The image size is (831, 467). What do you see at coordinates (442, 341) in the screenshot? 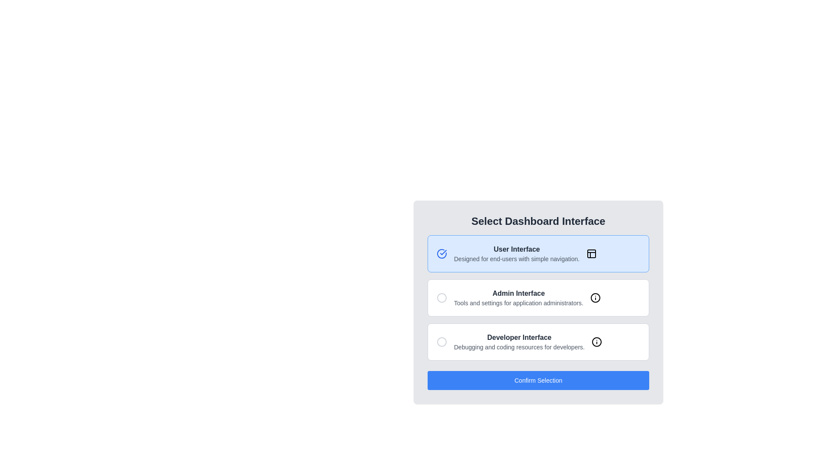
I see `the center of the Decorative circle icon, which is the leading circular icon of the row labeled 'Developer Interface'` at bounding box center [442, 341].